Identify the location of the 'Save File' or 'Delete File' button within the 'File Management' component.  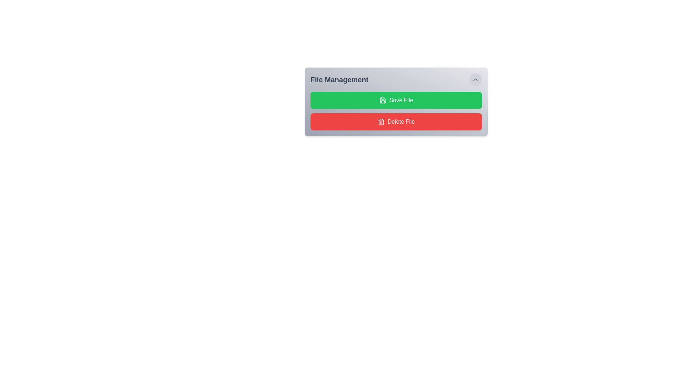
(396, 111).